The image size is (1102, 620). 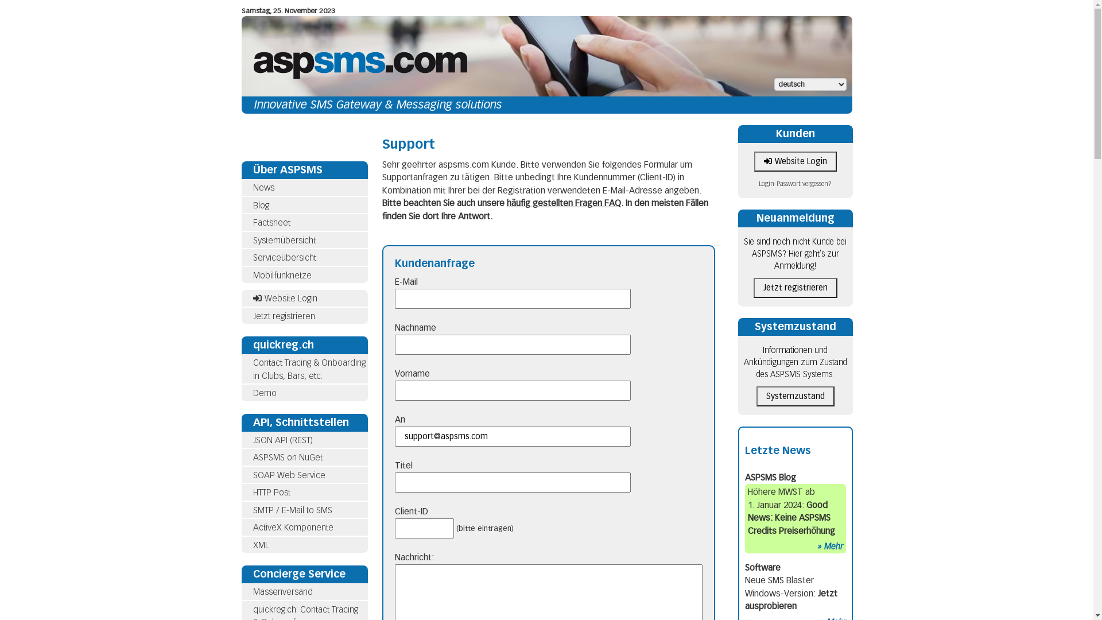 What do you see at coordinates (240, 275) in the screenshot?
I see `'Mobilfunknetze'` at bounding box center [240, 275].